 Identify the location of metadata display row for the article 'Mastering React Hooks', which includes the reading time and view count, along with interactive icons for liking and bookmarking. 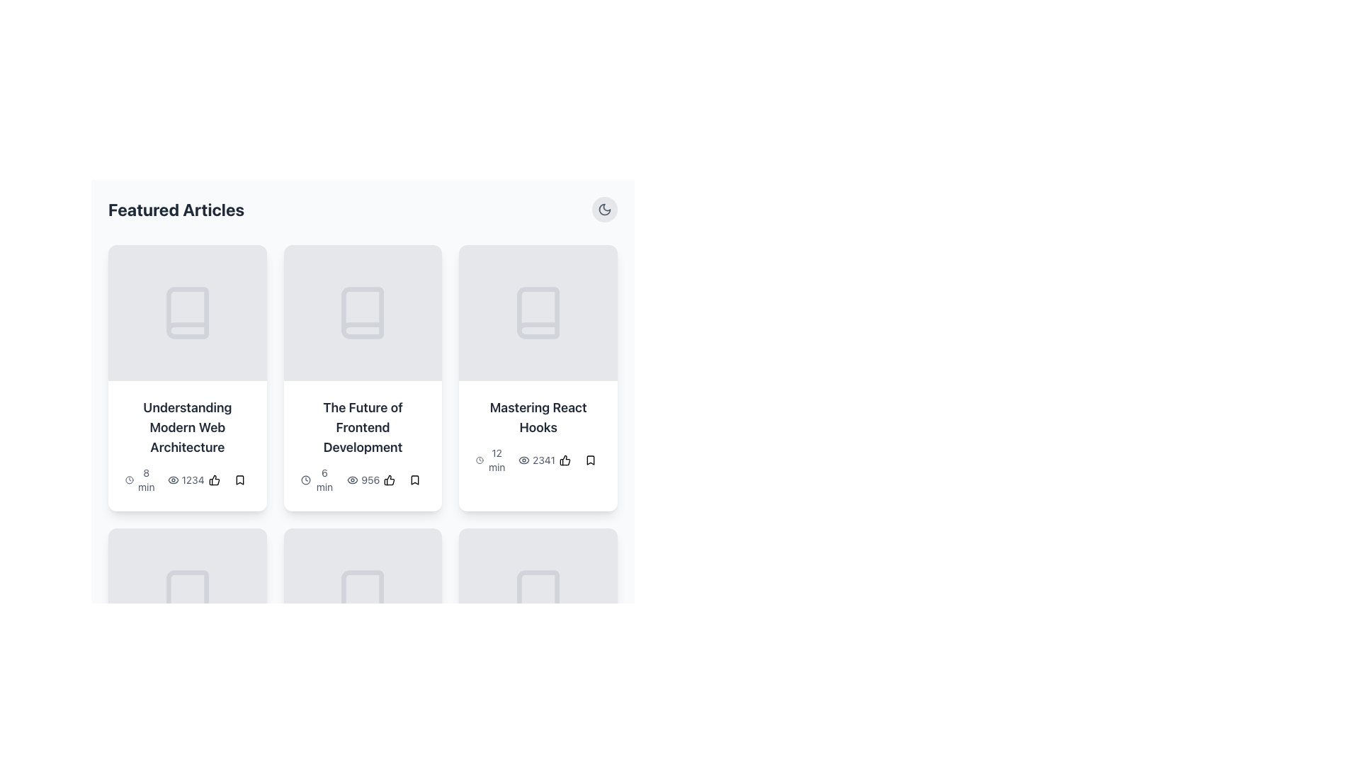
(538, 460).